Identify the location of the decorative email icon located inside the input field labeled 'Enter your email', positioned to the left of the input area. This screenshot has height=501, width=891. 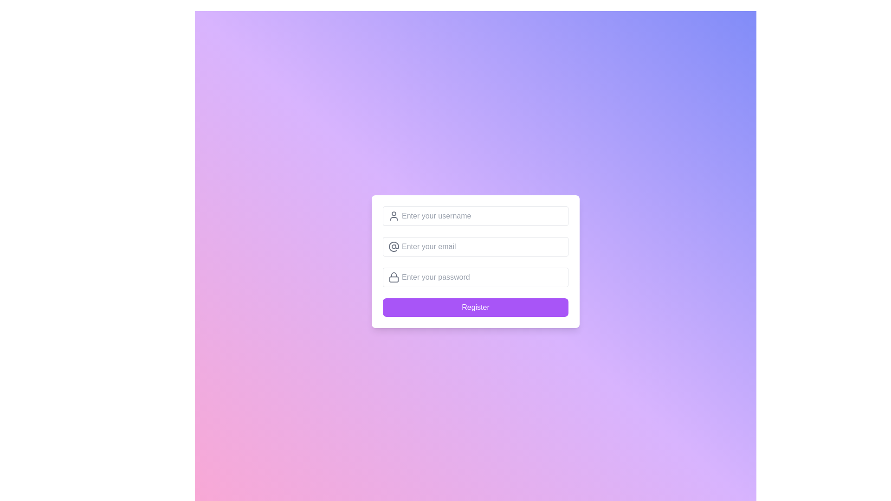
(394, 246).